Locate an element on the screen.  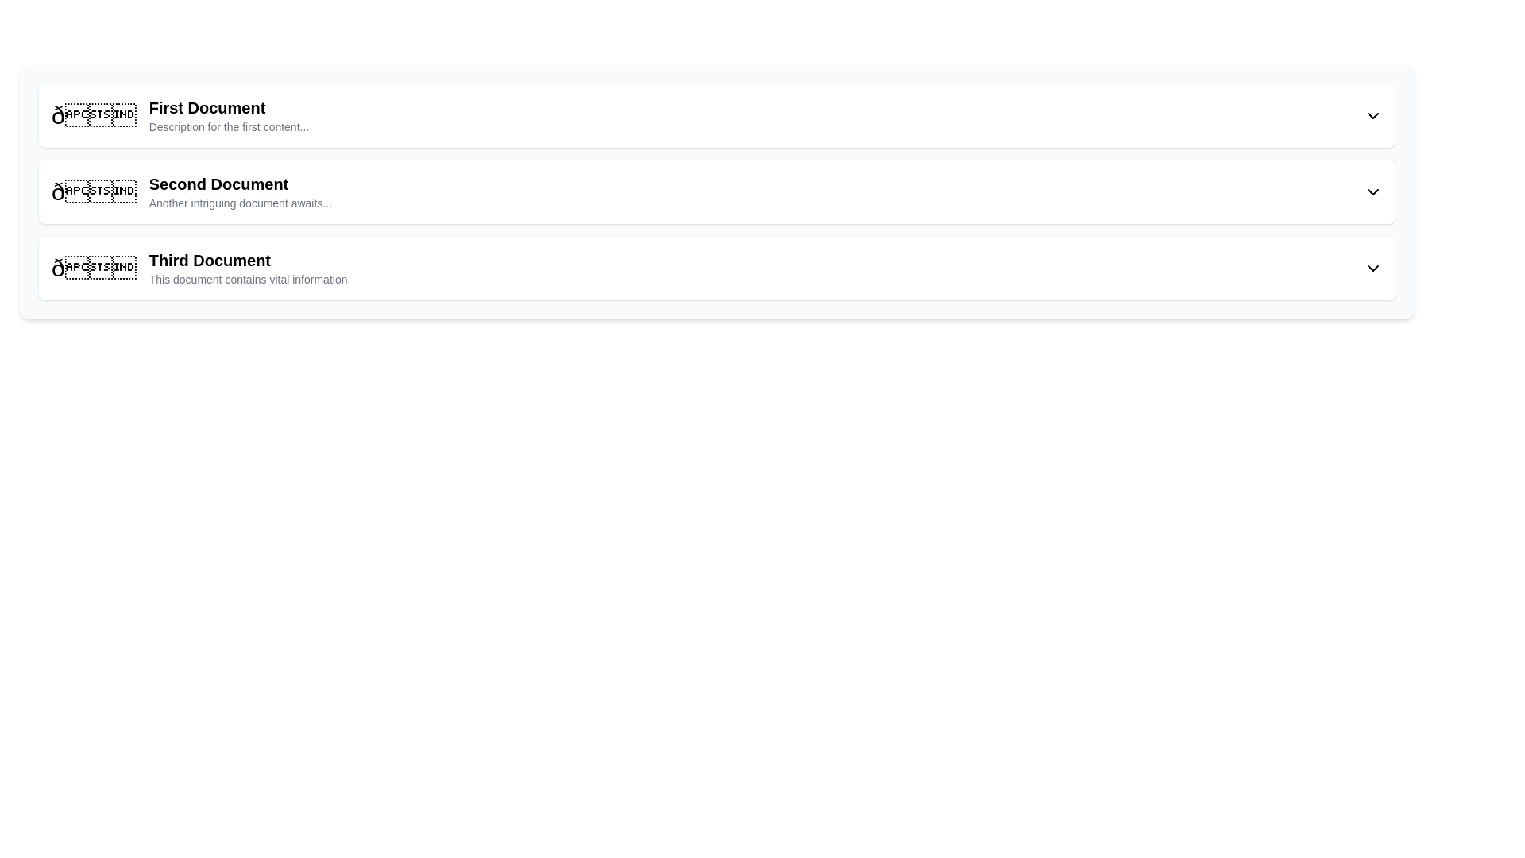
the downward-facing chevron icon located at the right end of the header section of the list item labeled 'First Document' is located at coordinates (1372, 115).